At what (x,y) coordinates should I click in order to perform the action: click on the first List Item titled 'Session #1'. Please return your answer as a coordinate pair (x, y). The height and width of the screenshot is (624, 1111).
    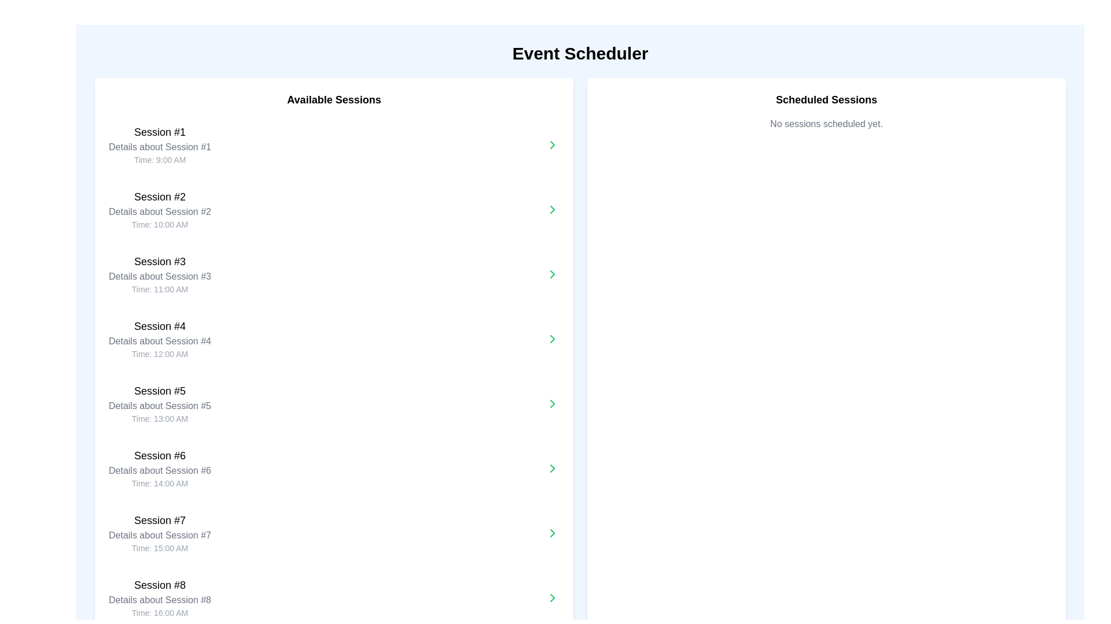
    Looking at the image, I should click on (159, 144).